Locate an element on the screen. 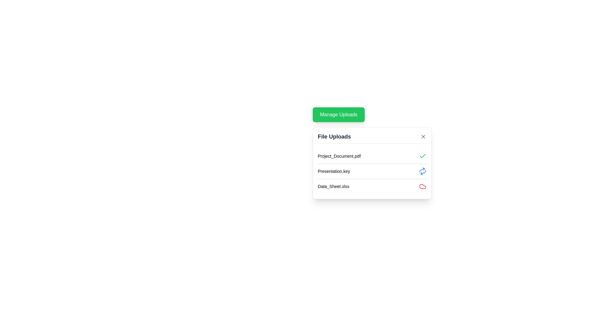  the confirmation icon for the first file 'Project_Document.pdf' within the 'Manage Uploads' modal, which visually indicates a successful action is located at coordinates (422, 156).